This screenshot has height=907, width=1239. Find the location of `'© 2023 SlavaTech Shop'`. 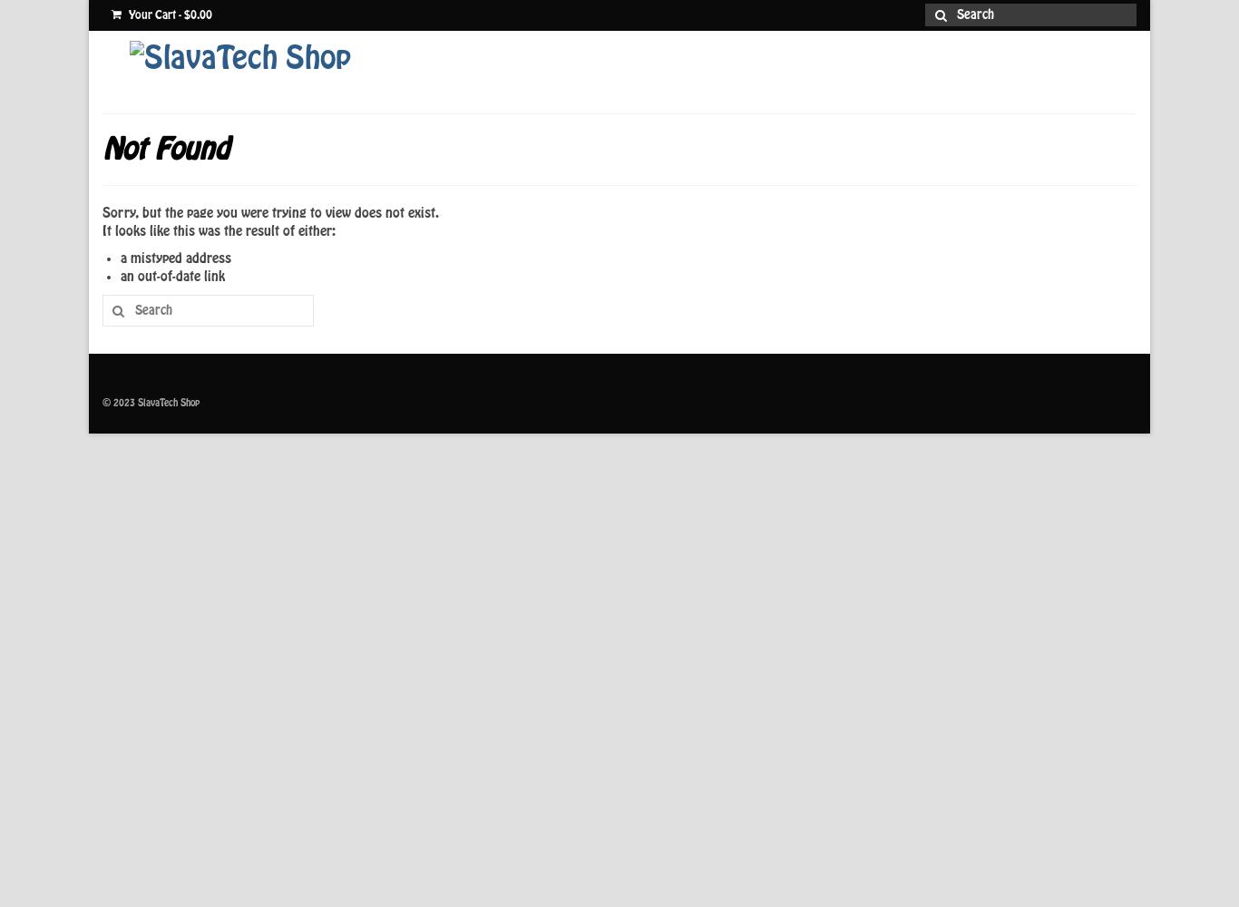

'© 2023 SlavaTech Shop' is located at coordinates (150, 402).